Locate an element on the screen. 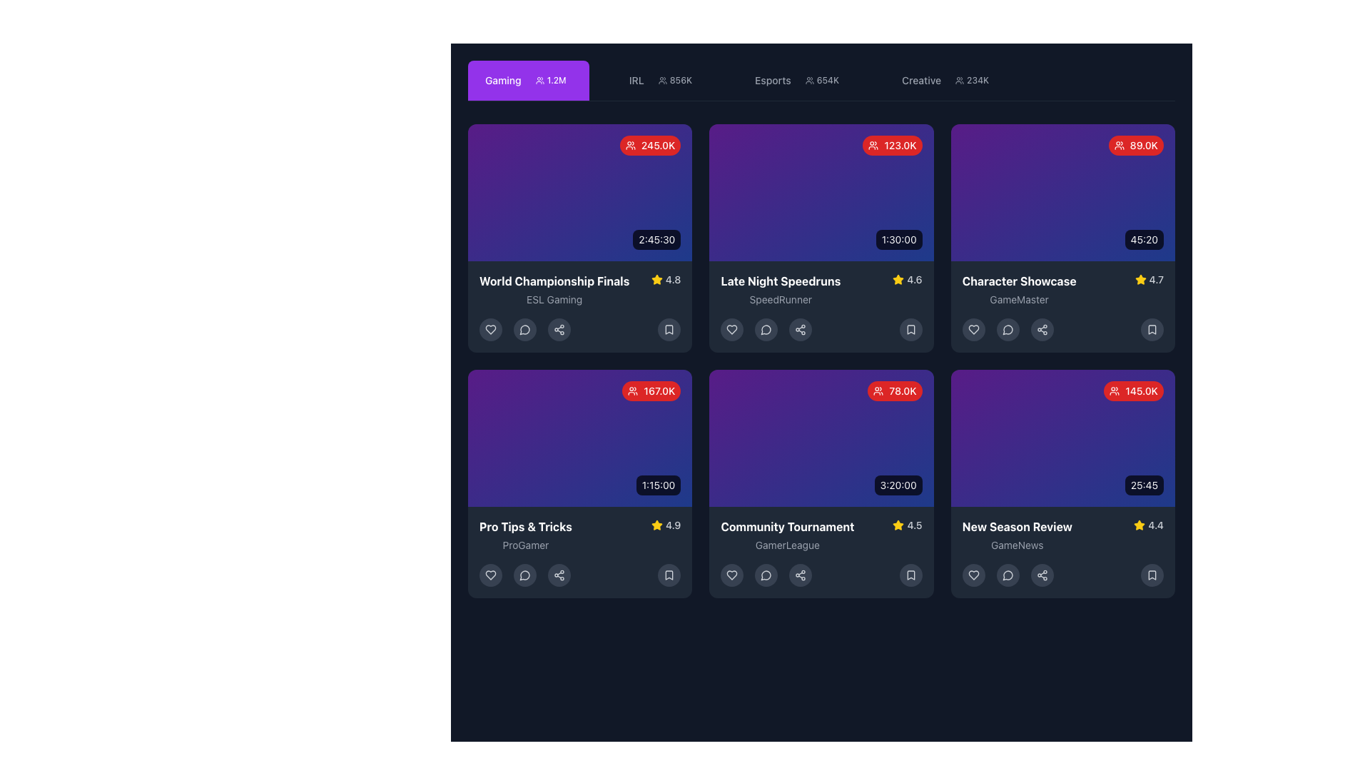 Image resolution: width=1370 pixels, height=771 pixels. the bookmark icon located at the bottom-right corner of the 'Late Night Speedruns' card to trigger a tooltip if applicable is located at coordinates (910, 330).